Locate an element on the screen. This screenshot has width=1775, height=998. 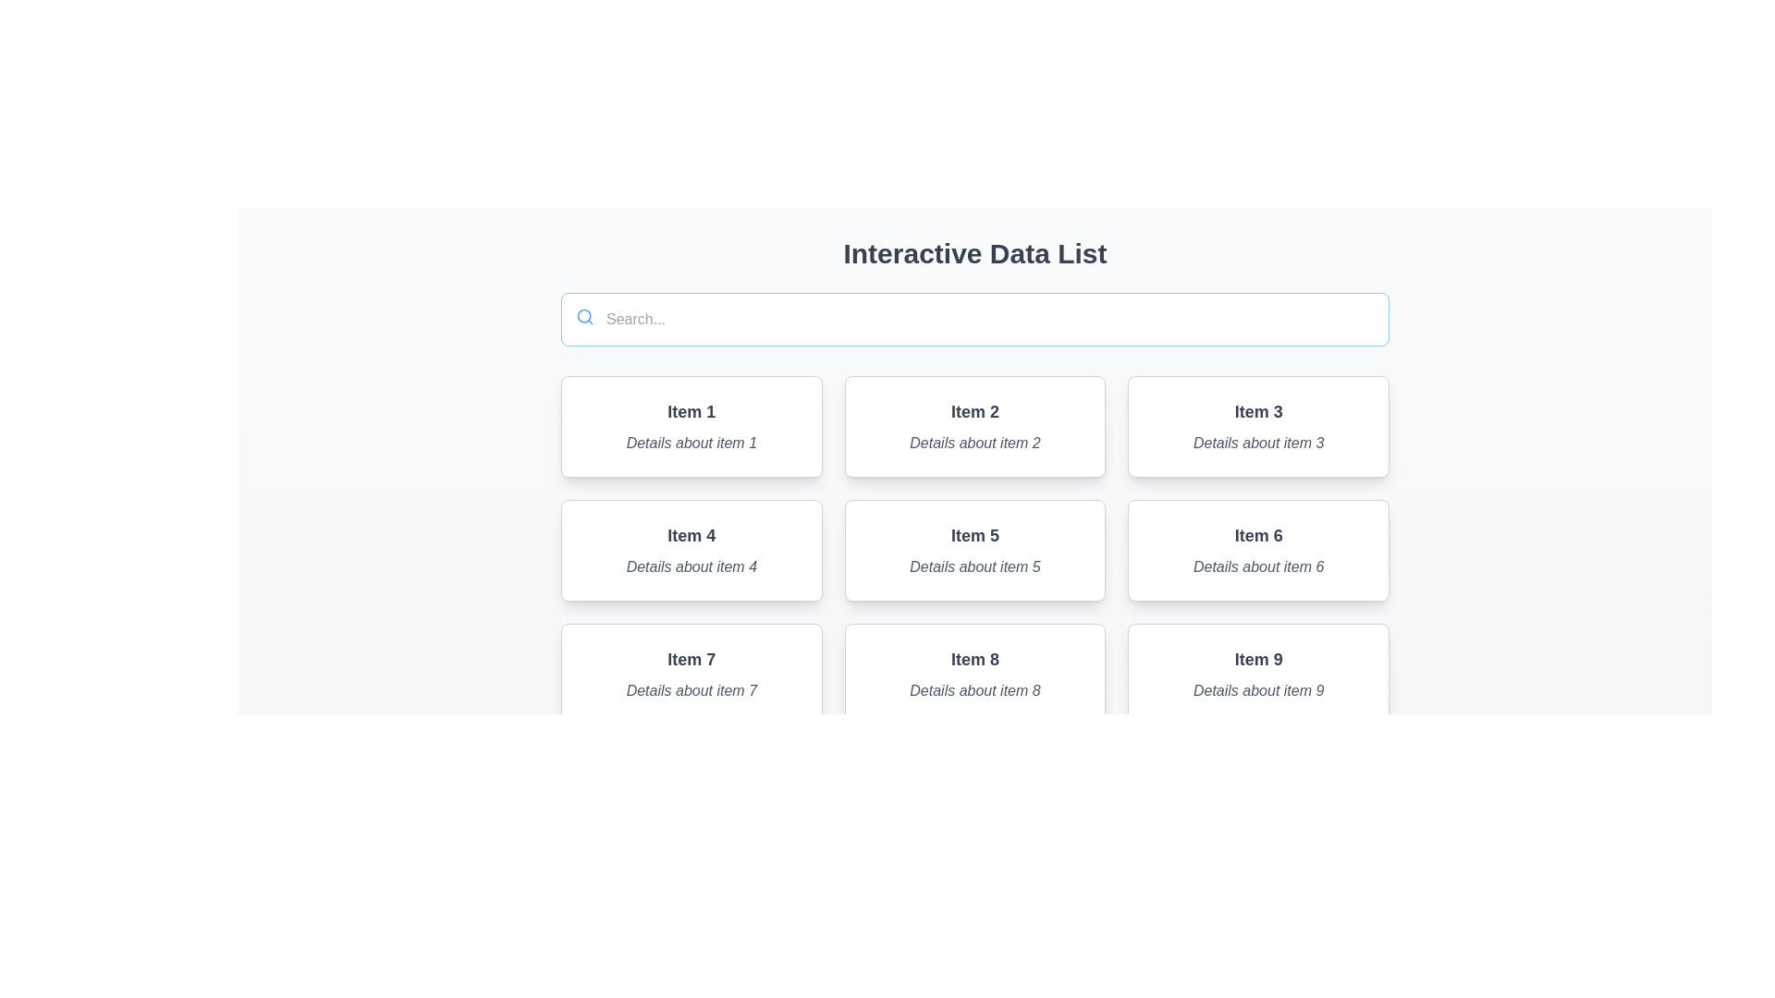
the Card component displaying 'Item 9' with a subtitle 'Details about item 9', located in the bottom-right corner of the layout is located at coordinates (1257, 674).